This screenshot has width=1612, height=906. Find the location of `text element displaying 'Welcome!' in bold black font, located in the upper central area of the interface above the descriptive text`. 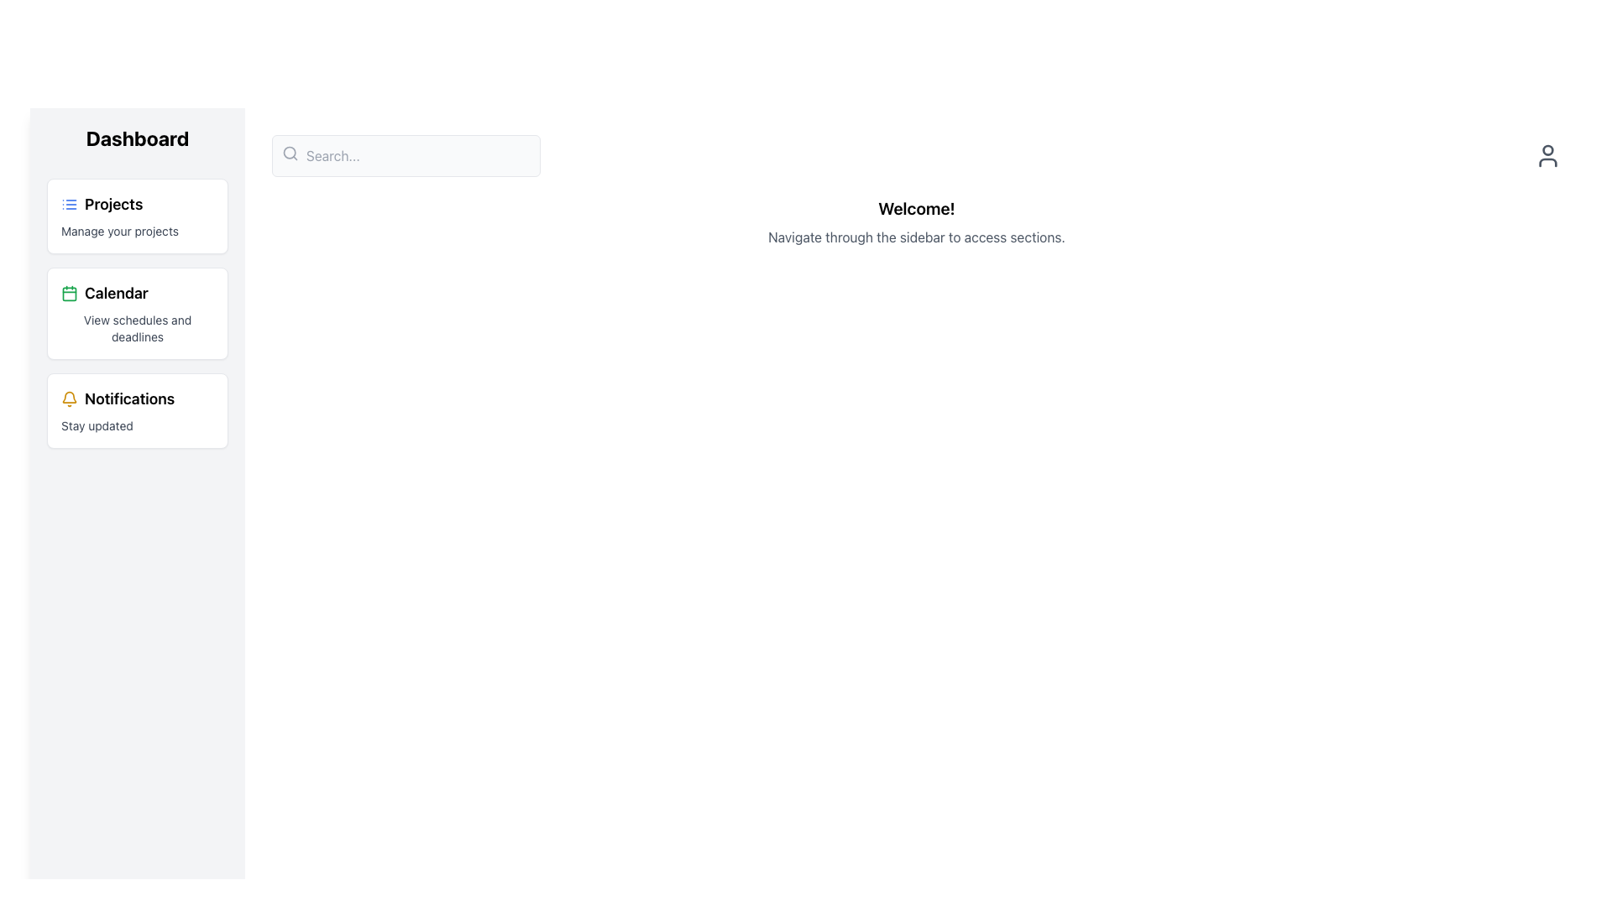

text element displaying 'Welcome!' in bold black font, located in the upper central area of the interface above the descriptive text is located at coordinates (915, 208).